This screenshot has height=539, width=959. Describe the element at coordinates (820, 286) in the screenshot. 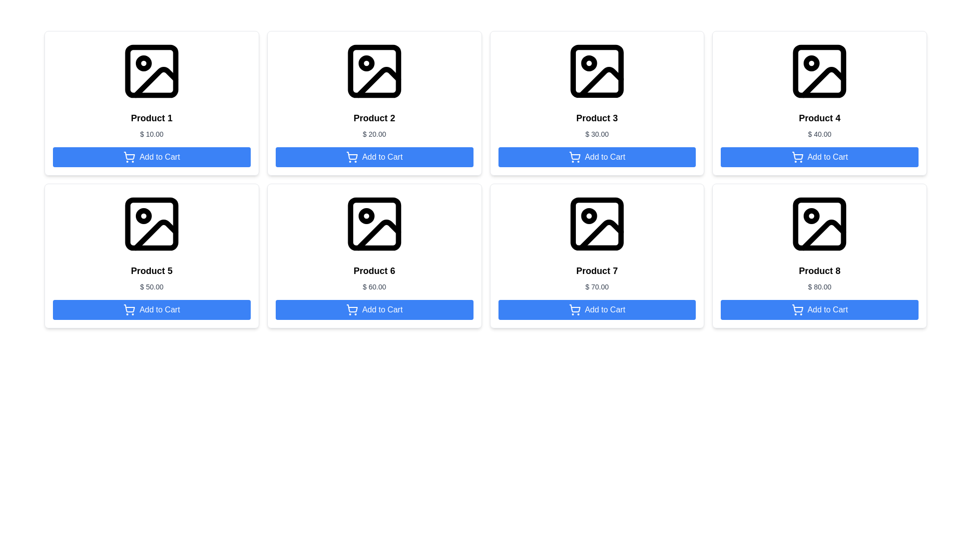

I see `the price label displaying the cost for 'Product 8', located centrally in the lower section of the product card, above the 'Add to Cart' button` at that location.